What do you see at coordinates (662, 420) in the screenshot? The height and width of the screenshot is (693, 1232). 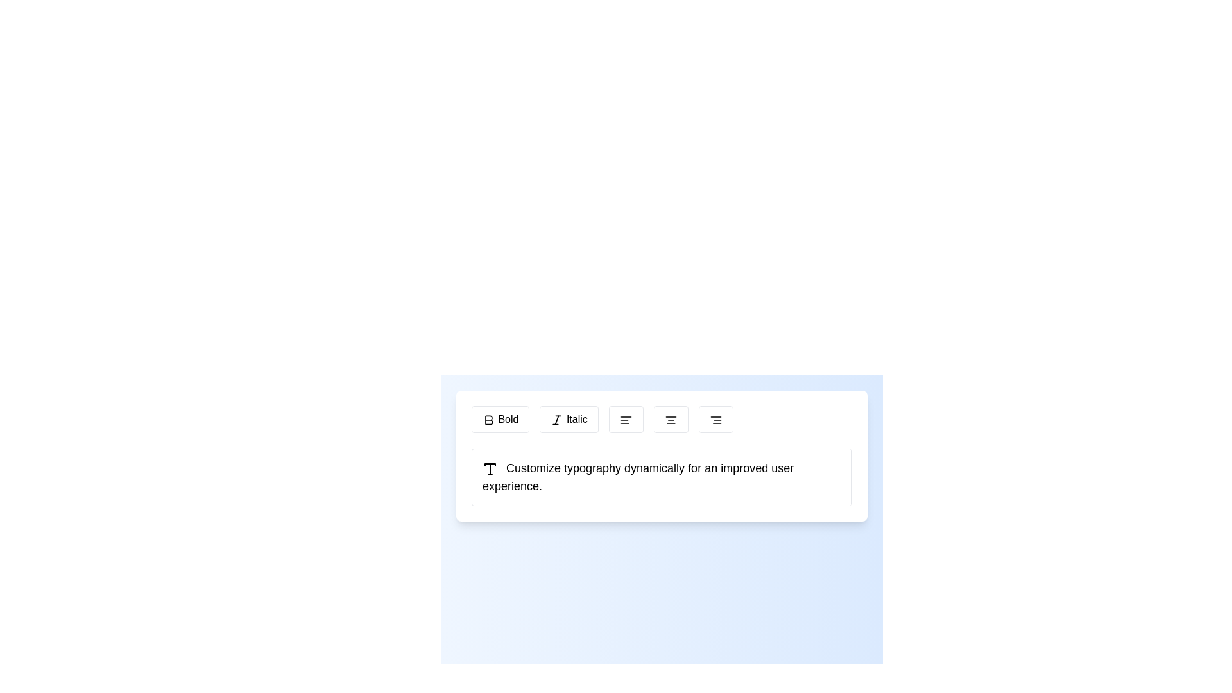 I see `the text formatting toolbar located below the header to apply formatting options for text styles, alignment, and lists` at bounding box center [662, 420].